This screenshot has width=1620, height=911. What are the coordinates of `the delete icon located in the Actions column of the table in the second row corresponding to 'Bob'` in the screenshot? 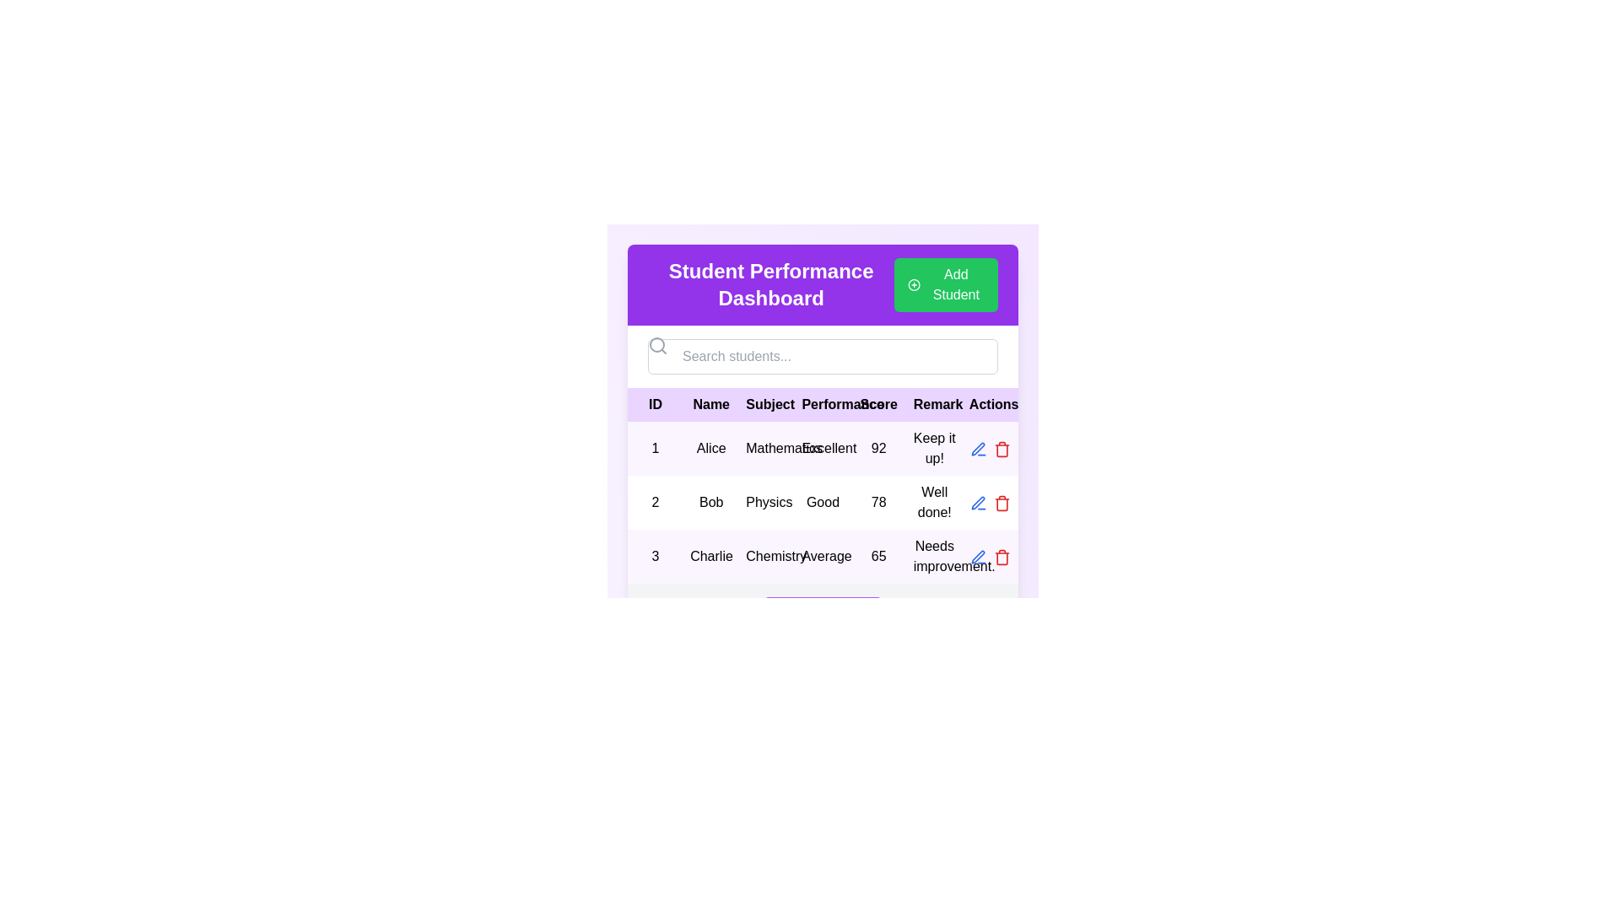 It's located at (1002, 502).